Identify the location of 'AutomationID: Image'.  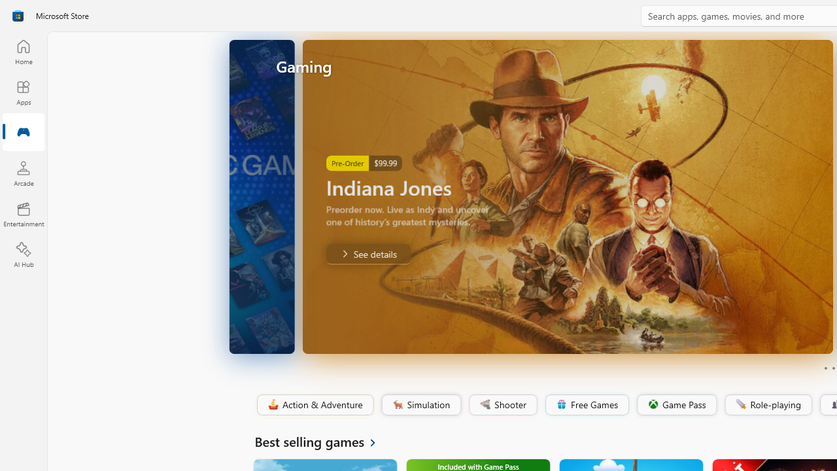
(533, 196).